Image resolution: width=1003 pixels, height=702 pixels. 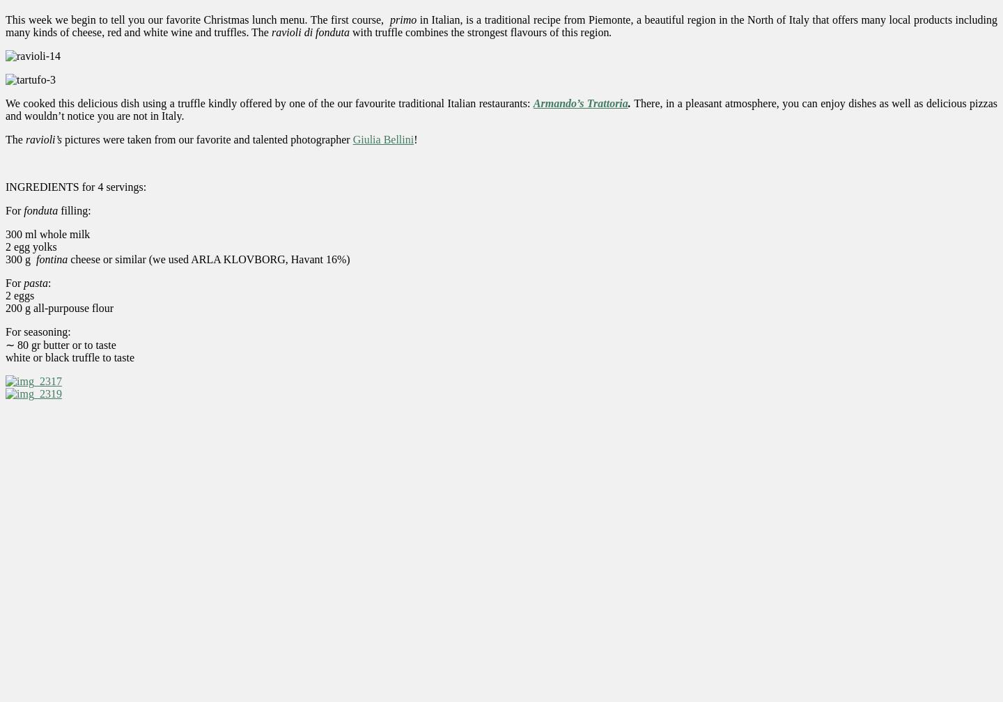 What do you see at coordinates (501, 109) in the screenshot?
I see `'There, in a pleasant atmosphere, you can enjoy dishes as well as delicious pizzas and wouldn’t notice you are not in Italy.'` at bounding box center [501, 109].